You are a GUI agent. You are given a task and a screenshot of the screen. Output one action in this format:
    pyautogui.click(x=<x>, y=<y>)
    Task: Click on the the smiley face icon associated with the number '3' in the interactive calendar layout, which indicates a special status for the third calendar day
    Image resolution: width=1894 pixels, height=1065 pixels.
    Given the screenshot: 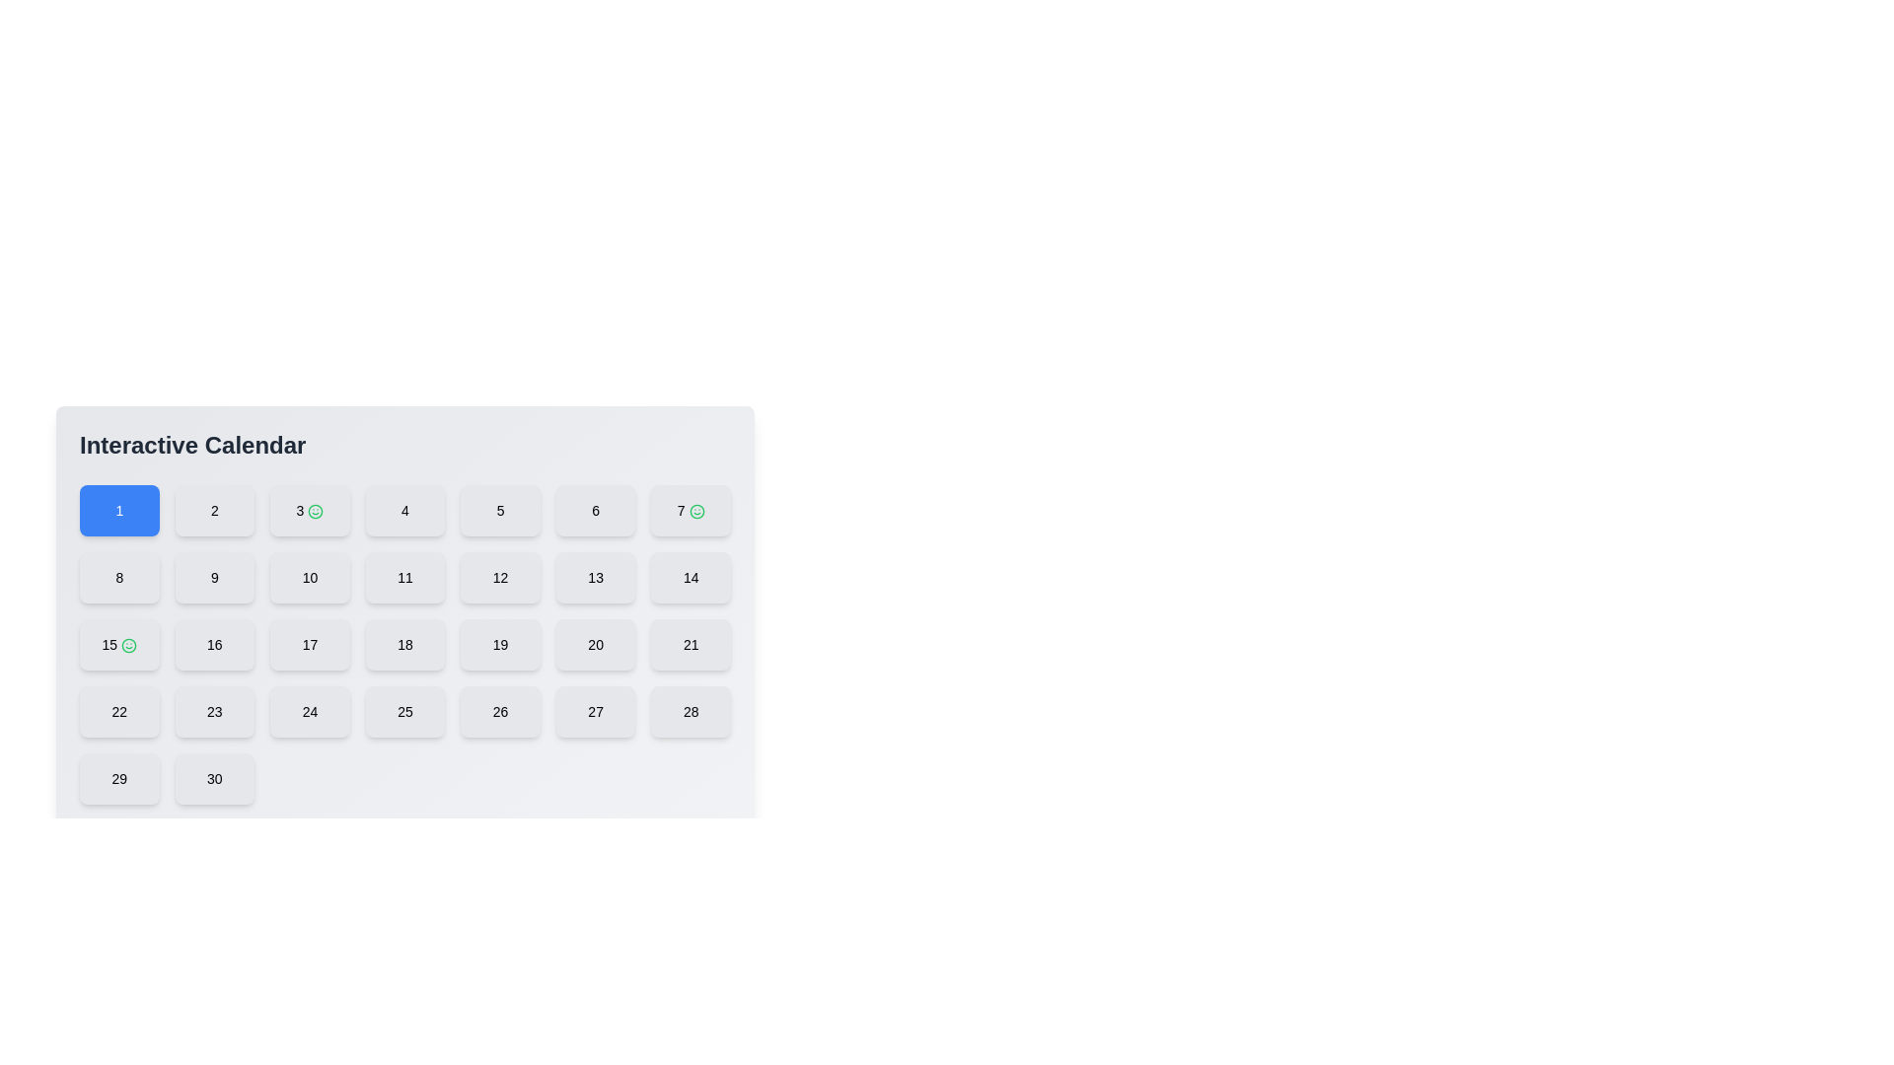 What is the action you would take?
    pyautogui.click(x=316, y=511)
    